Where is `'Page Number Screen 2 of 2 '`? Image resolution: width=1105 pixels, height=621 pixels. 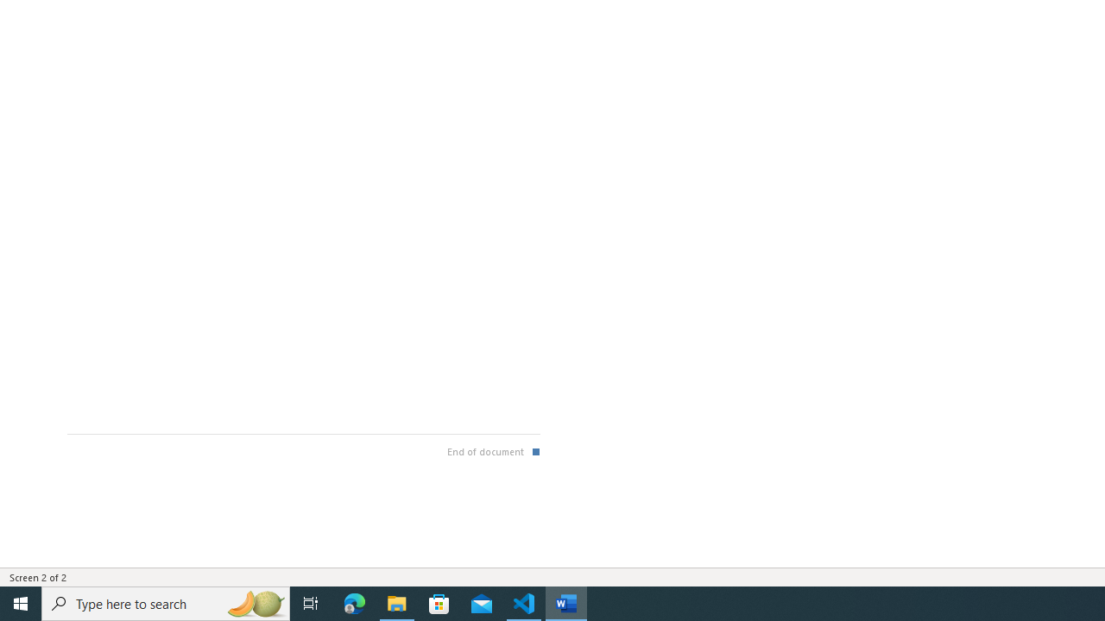
'Page Number Screen 2 of 2 ' is located at coordinates (38, 577).